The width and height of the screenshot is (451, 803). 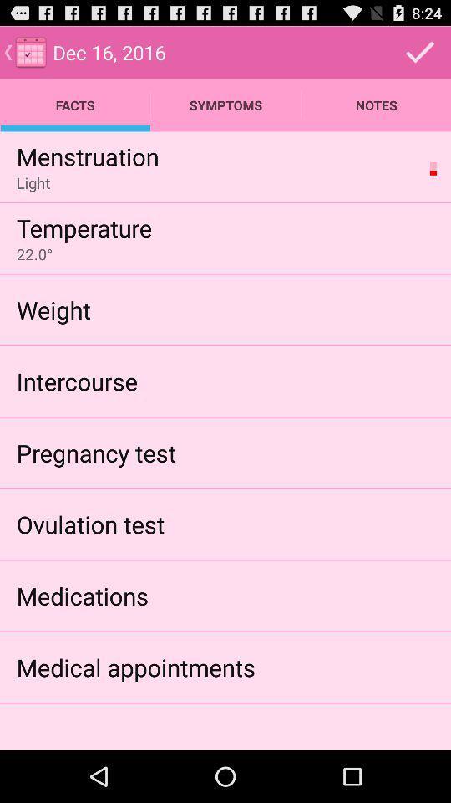 I want to click on the icon above medications app, so click(x=90, y=523).